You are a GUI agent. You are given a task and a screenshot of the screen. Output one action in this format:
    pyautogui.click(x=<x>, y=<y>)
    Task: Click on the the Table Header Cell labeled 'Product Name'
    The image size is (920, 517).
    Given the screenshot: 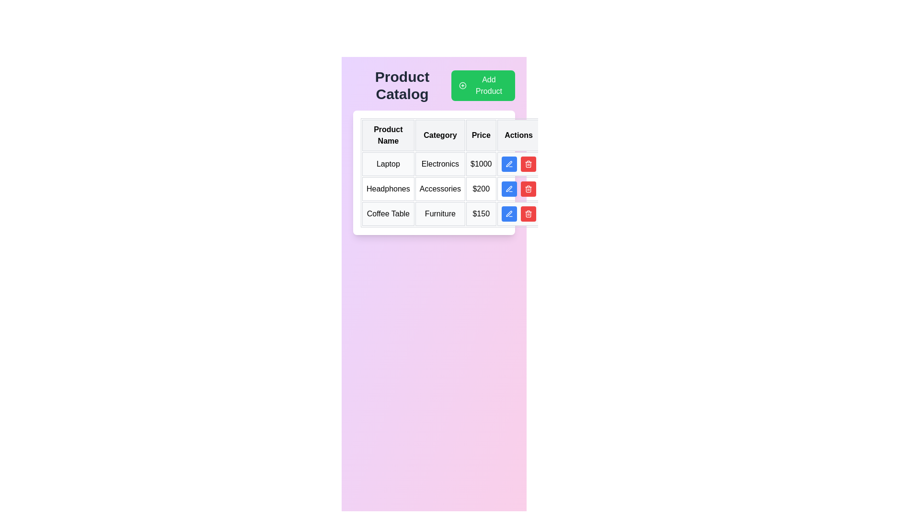 What is the action you would take?
    pyautogui.click(x=388, y=135)
    